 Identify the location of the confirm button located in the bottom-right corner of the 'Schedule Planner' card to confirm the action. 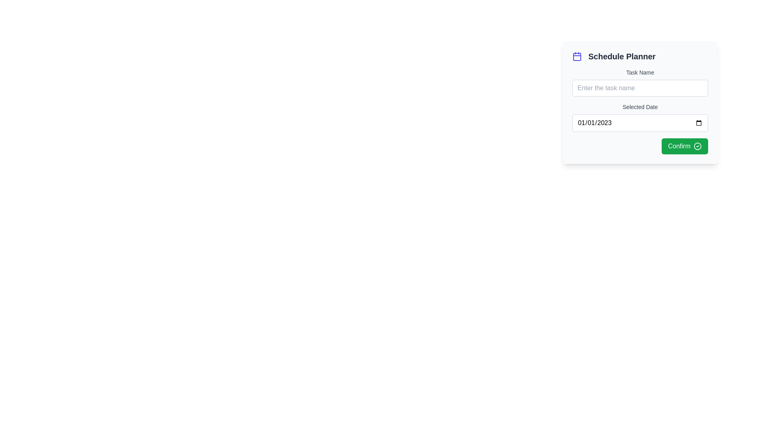
(684, 146).